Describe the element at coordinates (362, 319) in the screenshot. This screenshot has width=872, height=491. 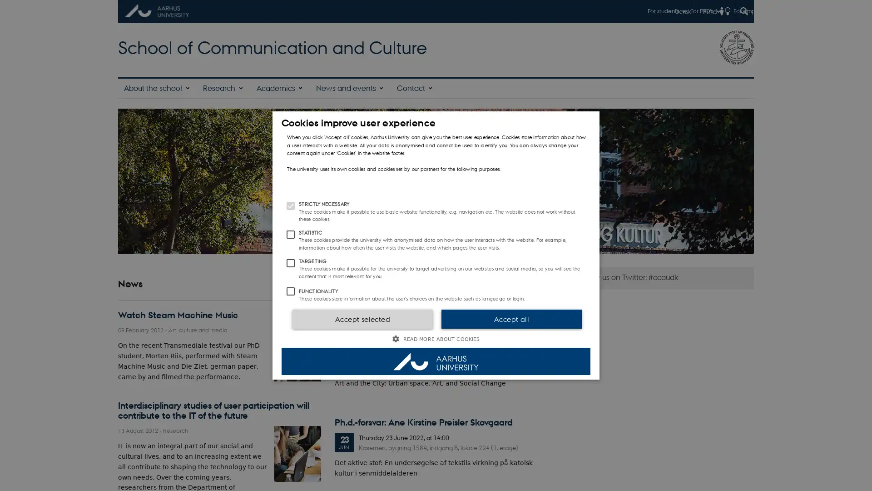
I see `Accept selected` at that location.